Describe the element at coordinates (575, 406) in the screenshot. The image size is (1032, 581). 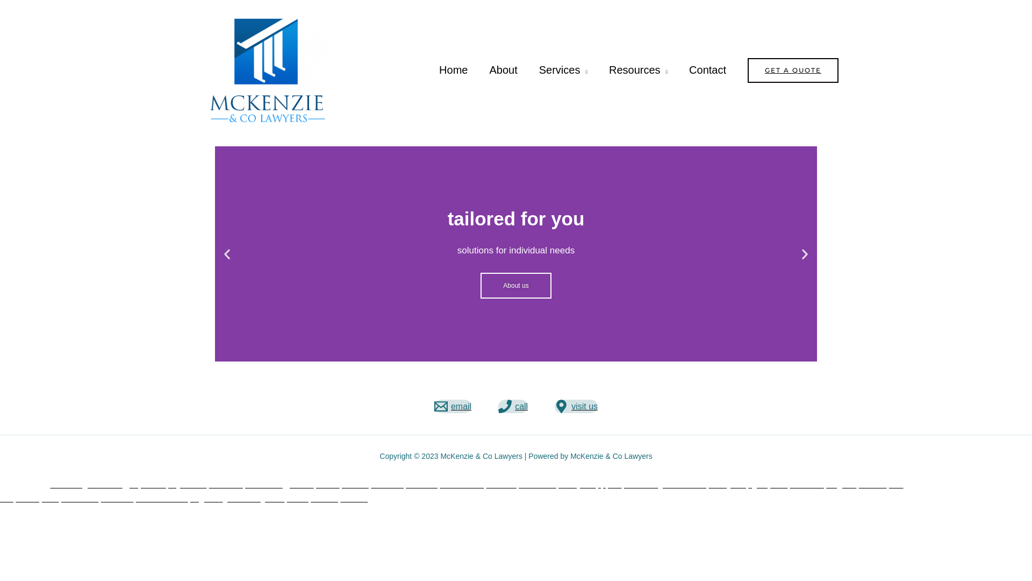
I see `'visit us'` at that location.